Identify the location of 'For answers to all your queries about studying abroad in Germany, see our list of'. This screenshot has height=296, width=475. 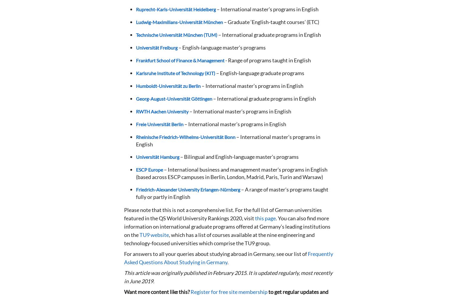
(216, 254).